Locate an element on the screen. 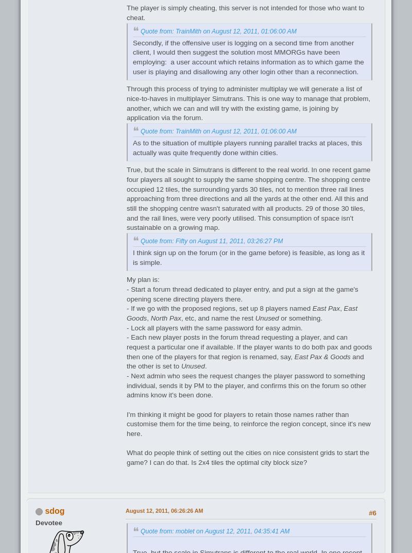  'I'm thinking it might be good for players to retain those names rather than customise them for the time being, to reinforce the region concept, since it's new here.' is located at coordinates (248, 424).